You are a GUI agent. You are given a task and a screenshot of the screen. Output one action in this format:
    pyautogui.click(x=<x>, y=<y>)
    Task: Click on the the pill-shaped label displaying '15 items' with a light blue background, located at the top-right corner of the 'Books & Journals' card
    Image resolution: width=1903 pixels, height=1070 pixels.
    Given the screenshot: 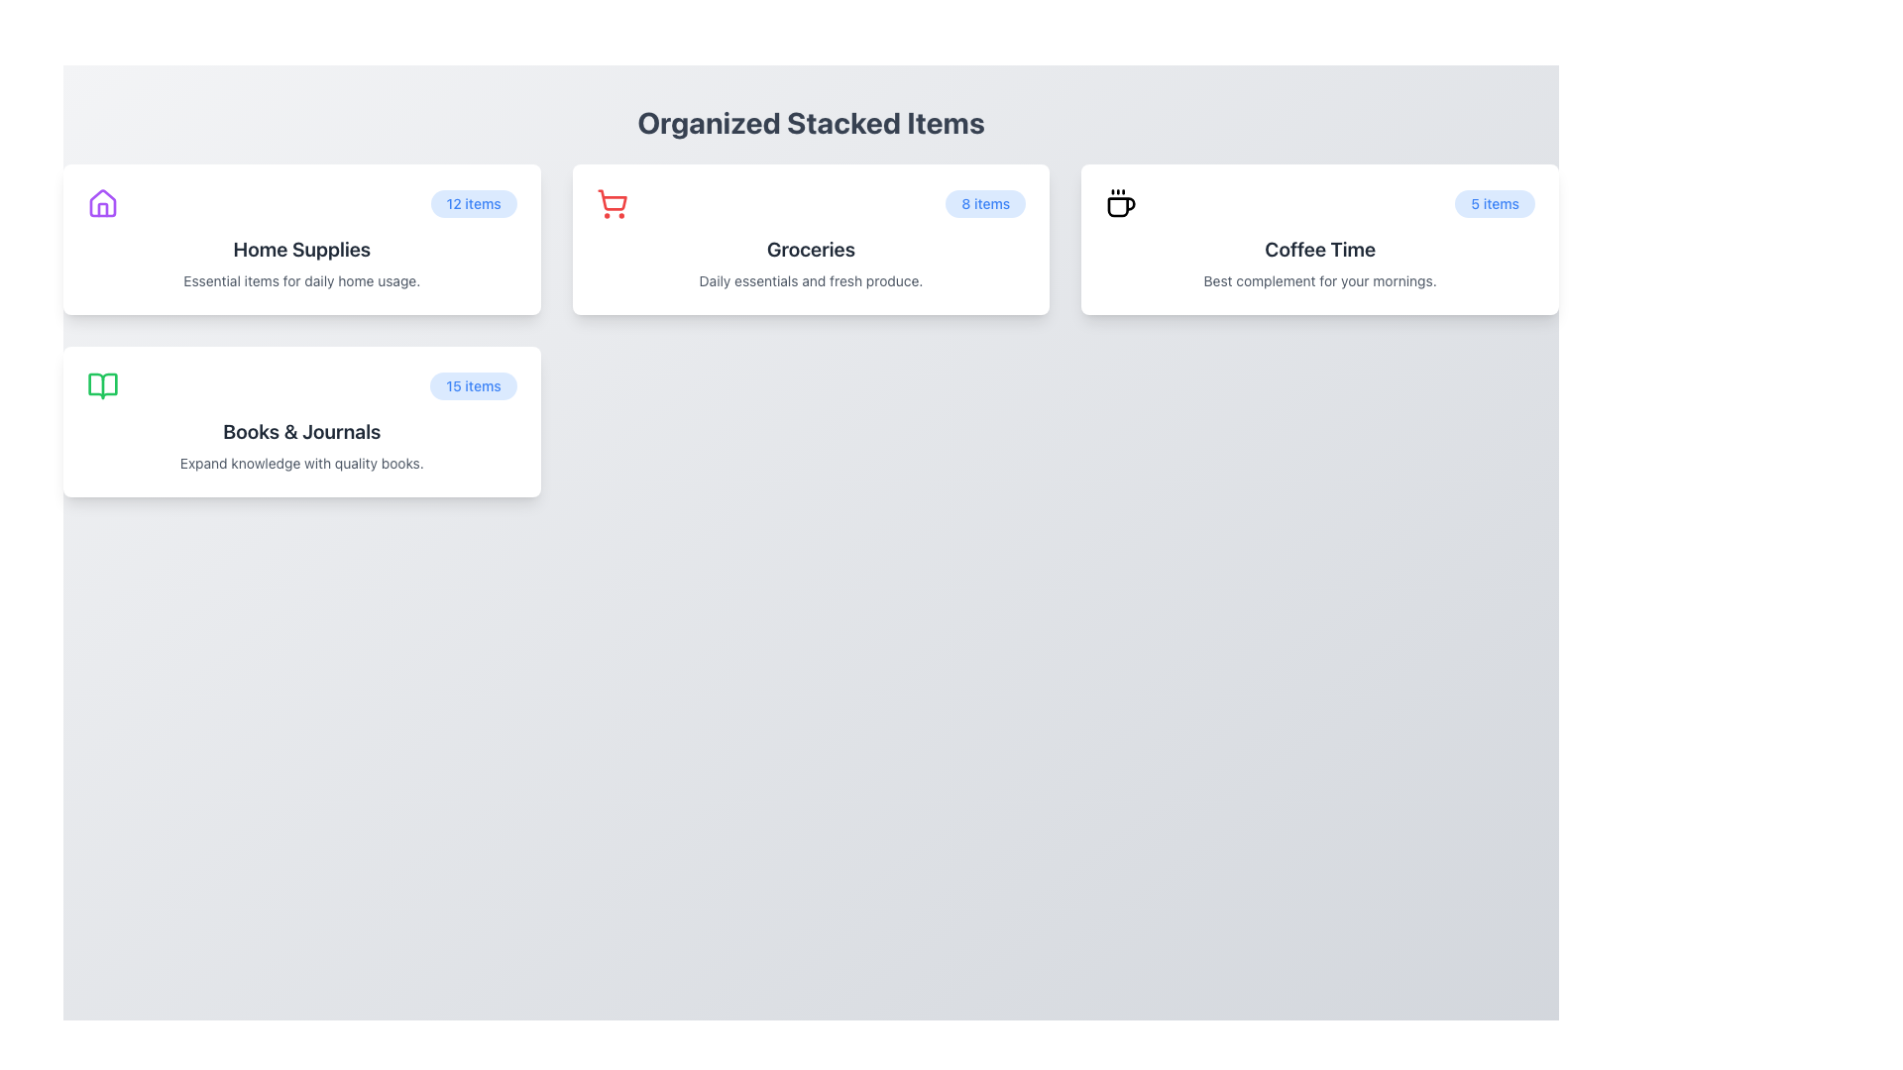 What is the action you would take?
    pyautogui.click(x=473, y=385)
    